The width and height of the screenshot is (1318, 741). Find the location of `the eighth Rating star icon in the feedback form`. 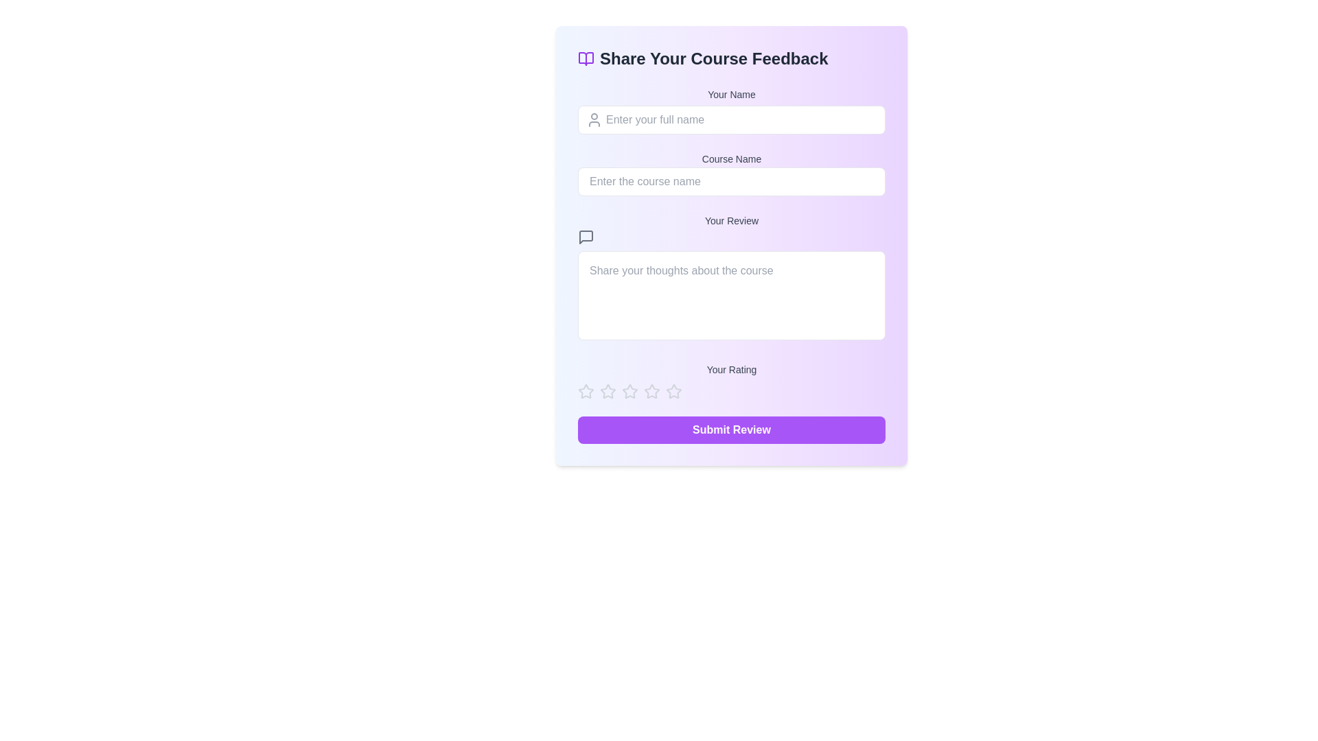

the eighth Rating star icon in the feedback form is located at coordinates (674, 391).